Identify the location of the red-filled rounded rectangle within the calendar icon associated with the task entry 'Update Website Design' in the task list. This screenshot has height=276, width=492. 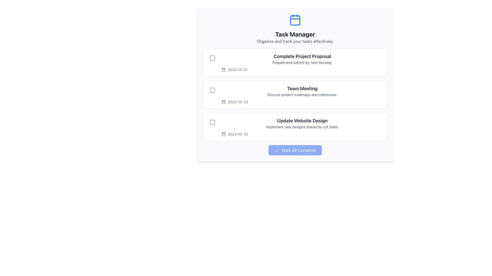
(224, 134).